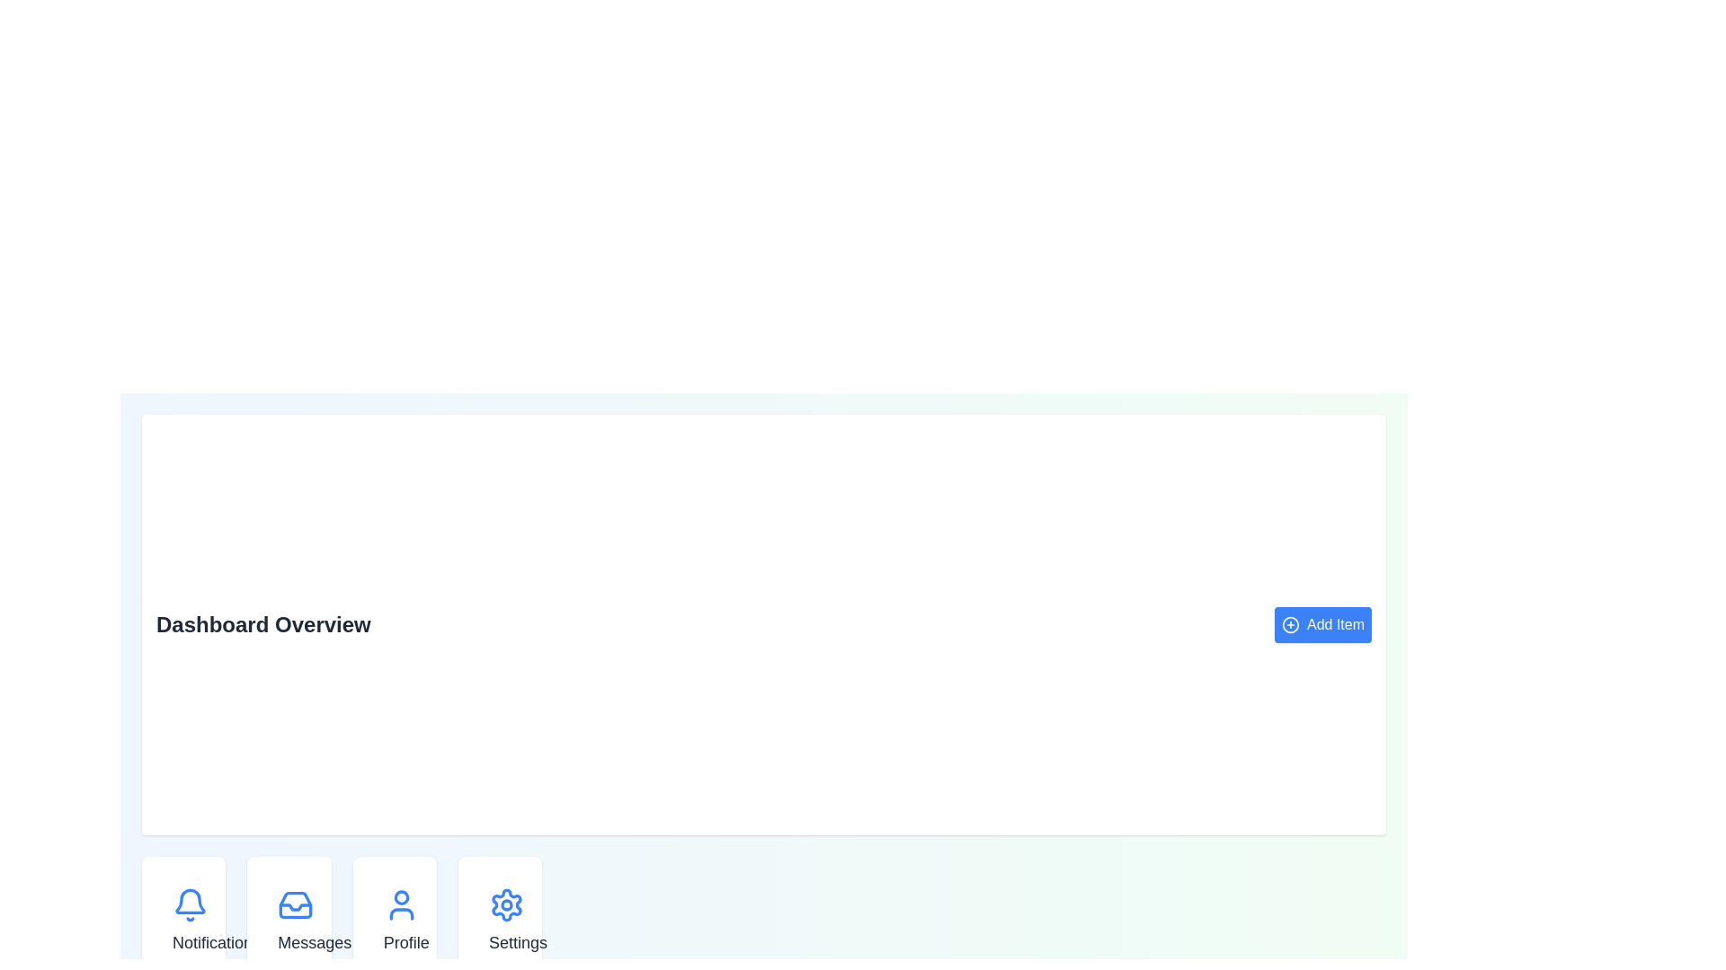 This screenshot has height=970, width=1726. What do you see at coordinates (1289, 623) in the screenshot?
I see `the 'Add Item' button which encompasses the SVG circle element` at bounding box center [1289, 623].